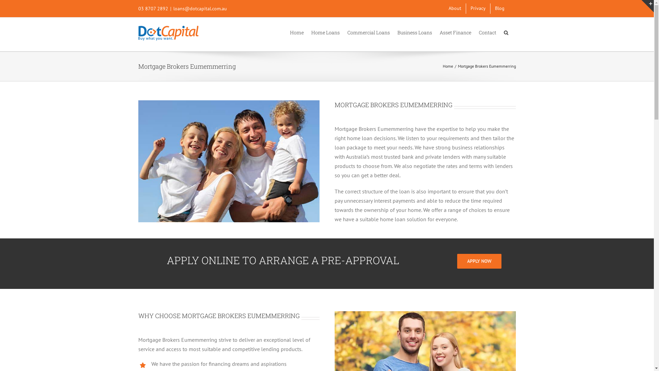 This screenshot has width=659, height=371. I want to click on 'Home', so click(297, 32).